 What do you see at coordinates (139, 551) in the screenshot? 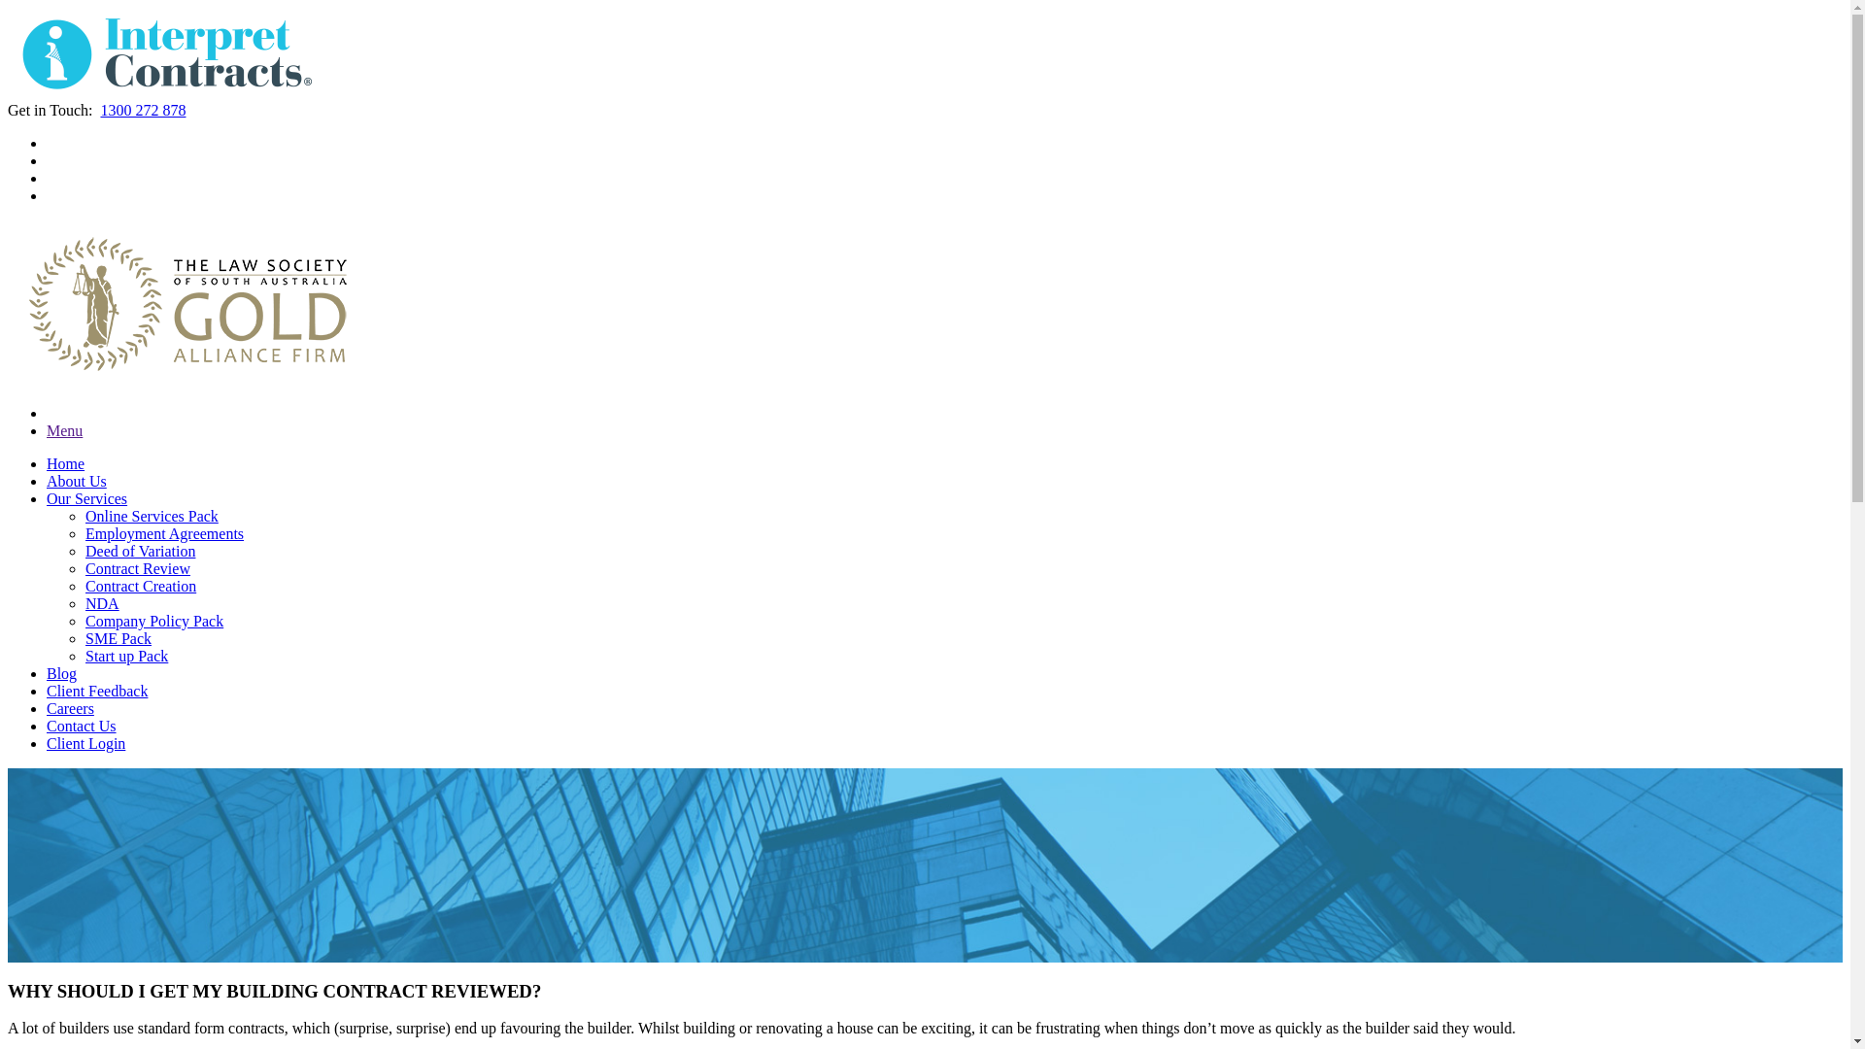
I see `'Deed of Variation'` at bounding box center [139, 551].